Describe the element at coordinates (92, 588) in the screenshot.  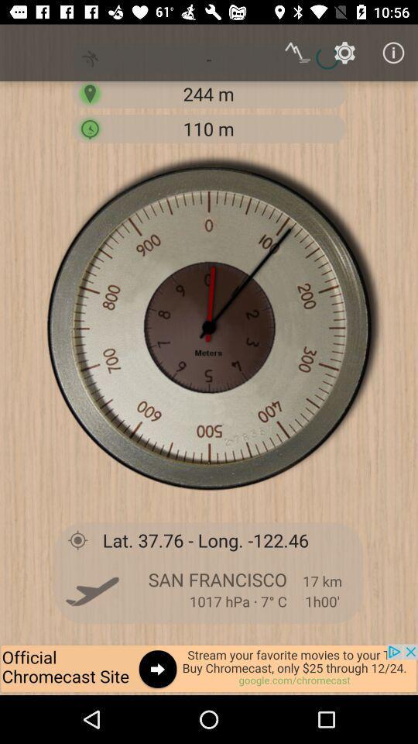
I see `the icon shown below location icon at the bottom of the page` at that location.